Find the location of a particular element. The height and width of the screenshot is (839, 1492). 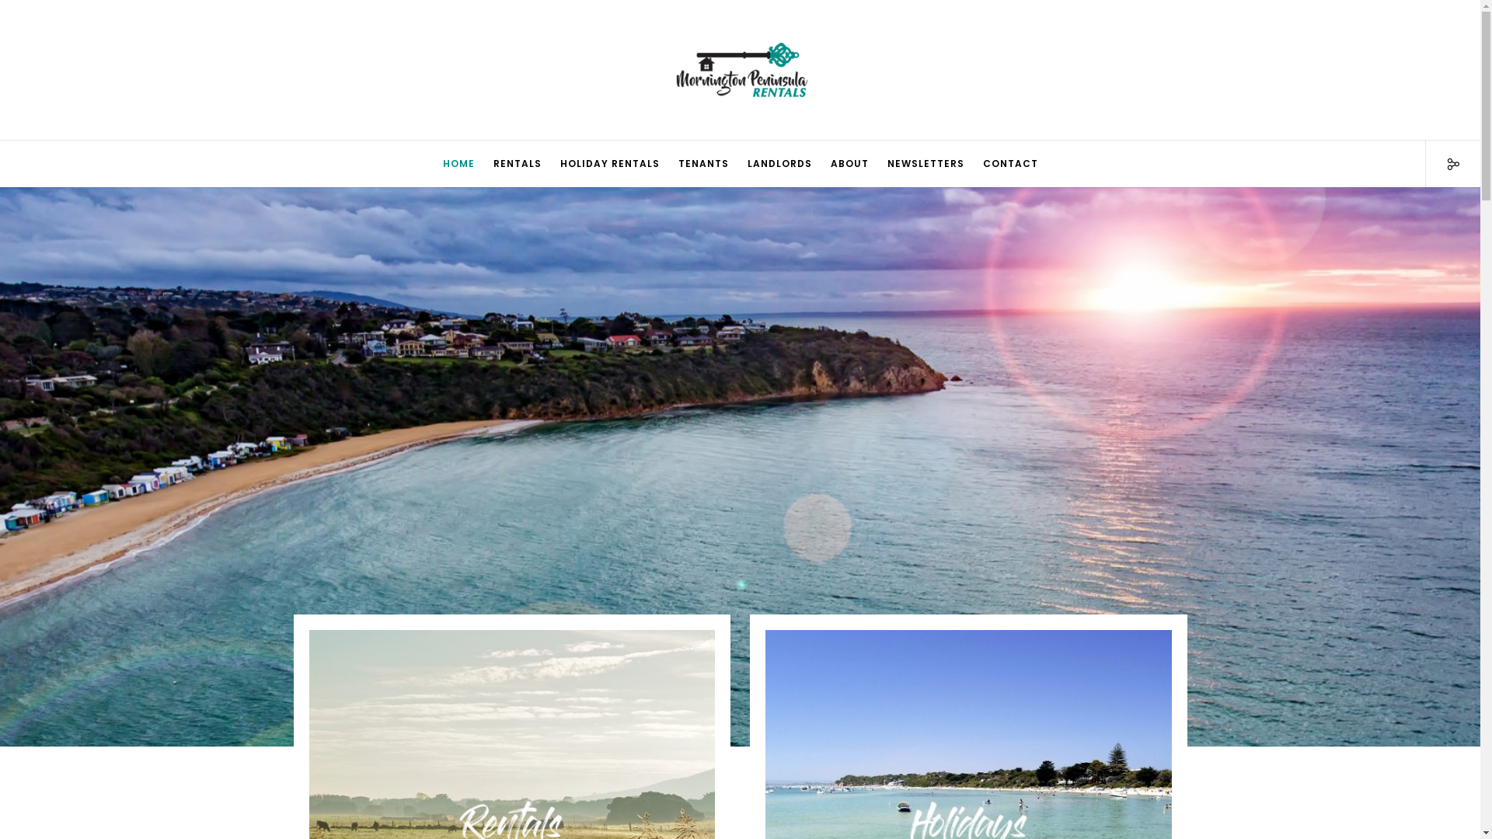

'ABOUT' is located at coordinates (848, 164).